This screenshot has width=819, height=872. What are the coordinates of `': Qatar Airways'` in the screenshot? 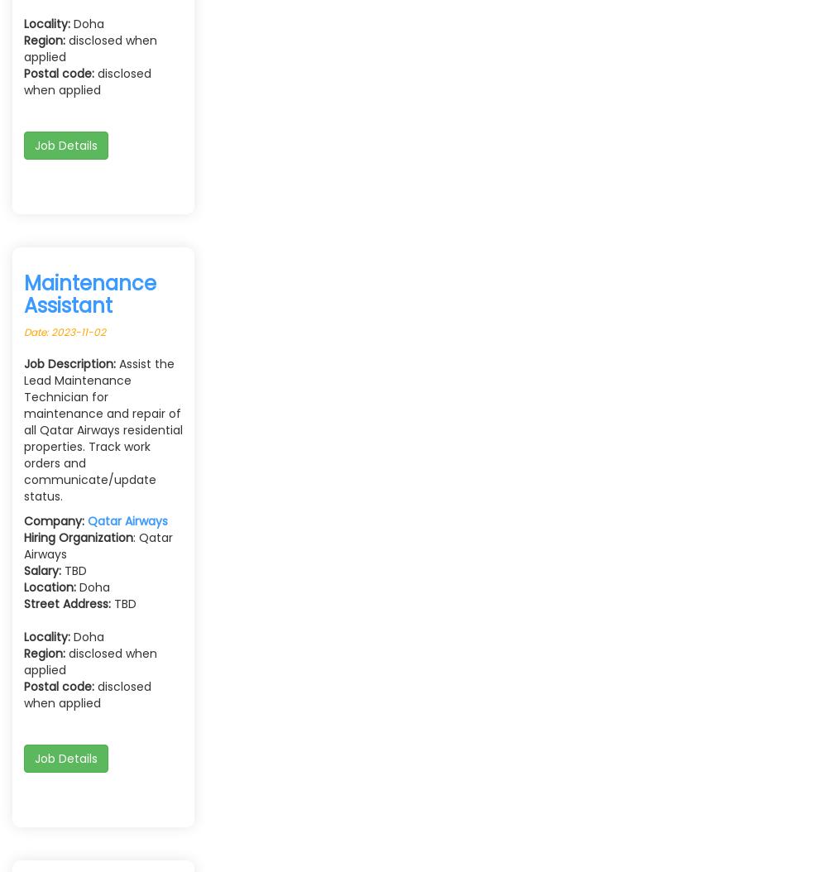 It's located at (23, 546).